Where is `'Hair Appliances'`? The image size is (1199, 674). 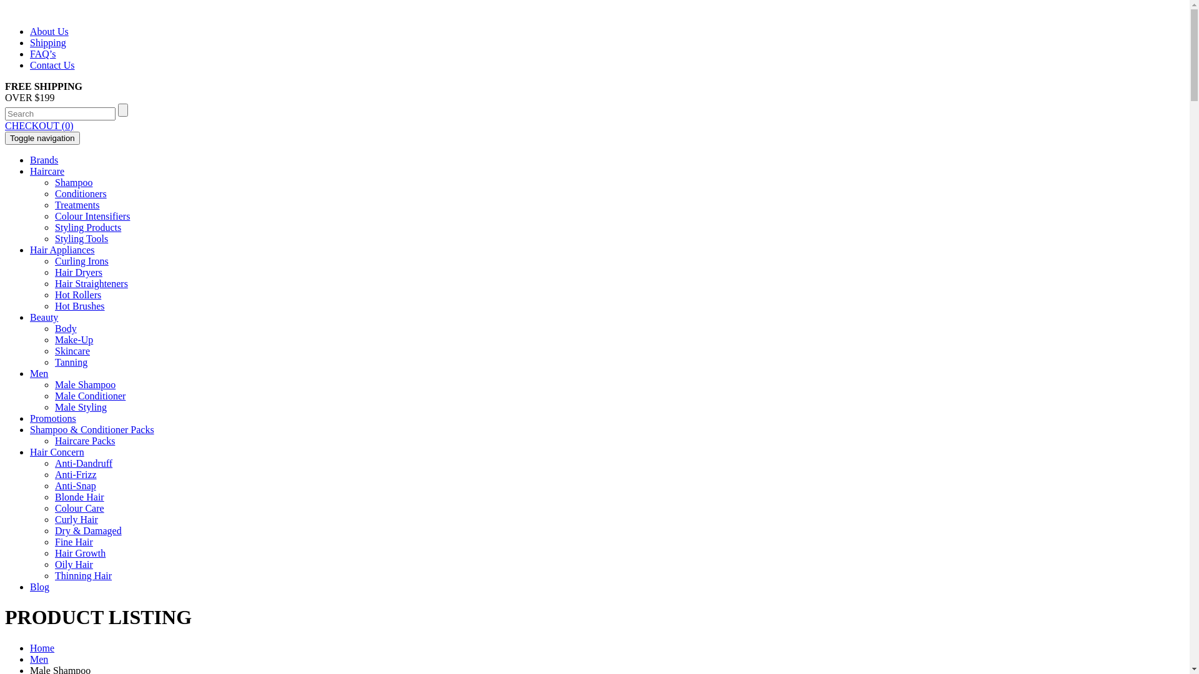 'Hair Appliances' is located at coordinates (30, 250).